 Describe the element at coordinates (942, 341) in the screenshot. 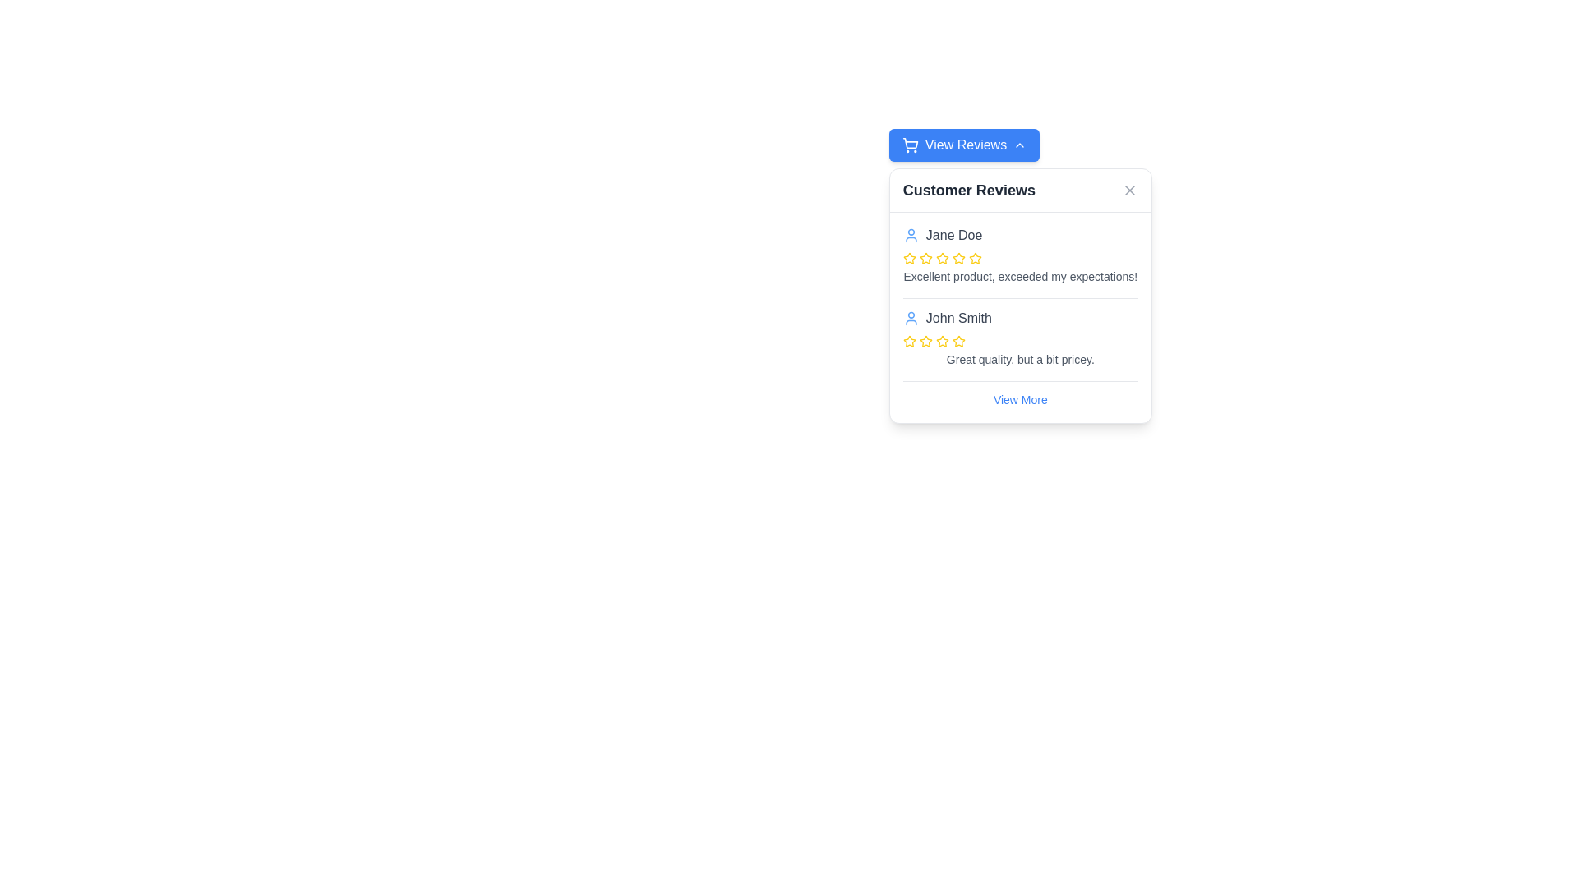

I see `the fifth star-shaped icon in the rating system next to the reviewer 'John Smith' to potentially interact with the rating` at that location.